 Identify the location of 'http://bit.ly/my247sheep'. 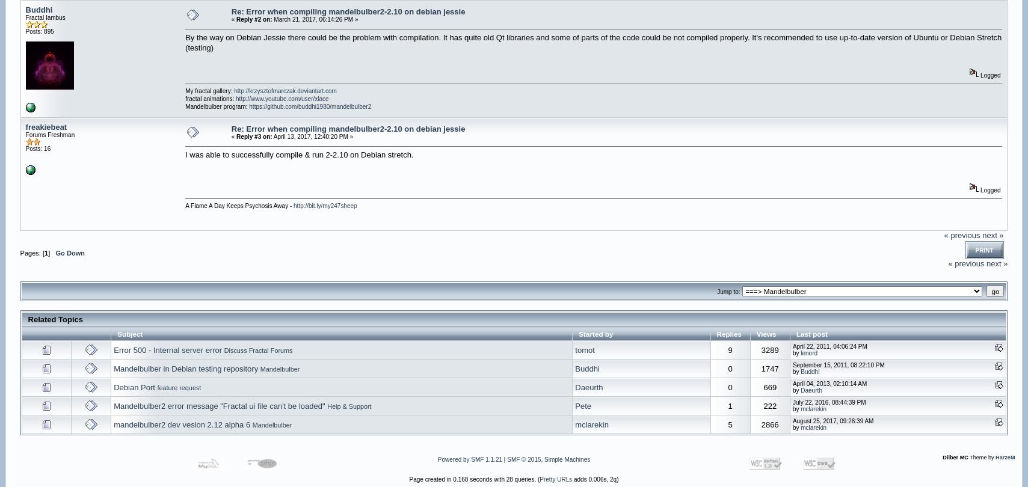
(324, 205).